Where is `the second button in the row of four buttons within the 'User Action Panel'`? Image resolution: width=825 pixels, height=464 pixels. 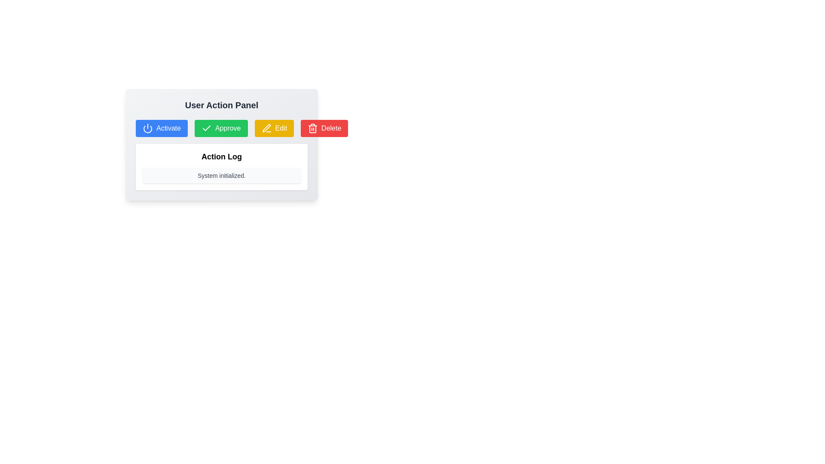 the second button in the row of four buttons within the 'User Action Panel' is located at coordinates (221, 128).